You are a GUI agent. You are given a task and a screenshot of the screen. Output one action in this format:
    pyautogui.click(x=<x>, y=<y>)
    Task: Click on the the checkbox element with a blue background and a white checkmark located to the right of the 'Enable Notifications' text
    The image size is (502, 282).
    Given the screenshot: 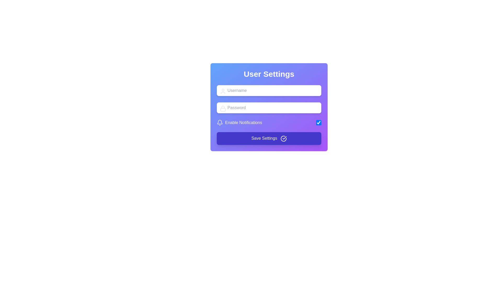 What is the action you would take?
    pyautogui.click(x=318, y=123)
    